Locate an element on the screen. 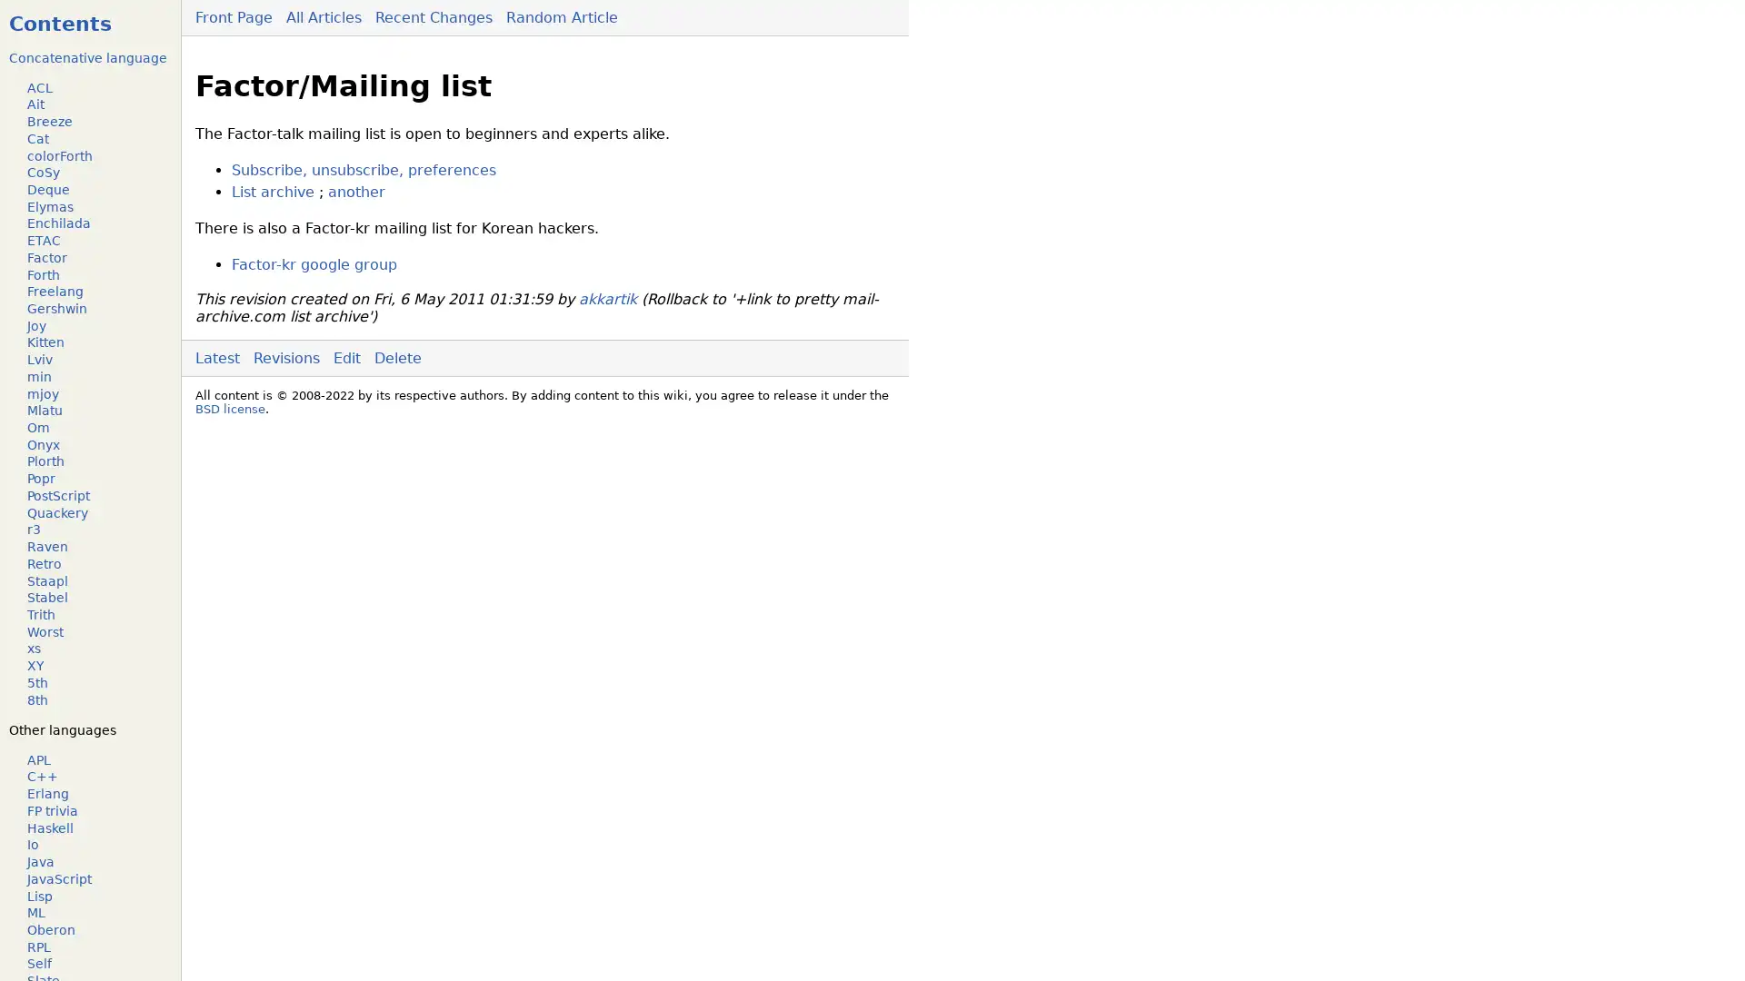 The image size is (1745, 981). Delete is located at coordinates (396, 357).